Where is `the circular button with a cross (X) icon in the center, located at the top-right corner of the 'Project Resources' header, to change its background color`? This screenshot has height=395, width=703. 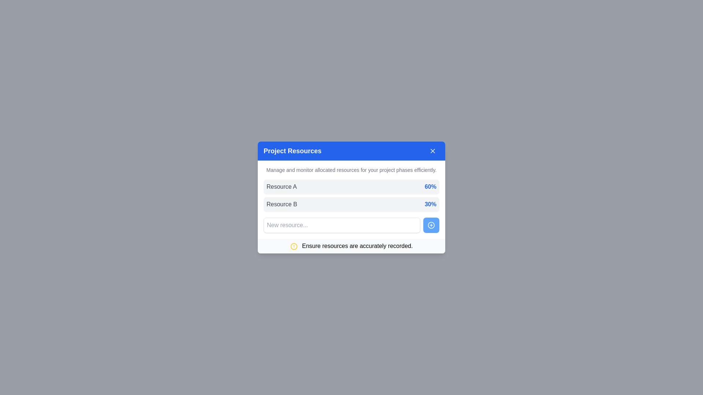 the circular button with a cross (X) icon in the center, located at the top-right corner of the 'Project Resources' header, to change its background color is located at coordinates (432, 150).